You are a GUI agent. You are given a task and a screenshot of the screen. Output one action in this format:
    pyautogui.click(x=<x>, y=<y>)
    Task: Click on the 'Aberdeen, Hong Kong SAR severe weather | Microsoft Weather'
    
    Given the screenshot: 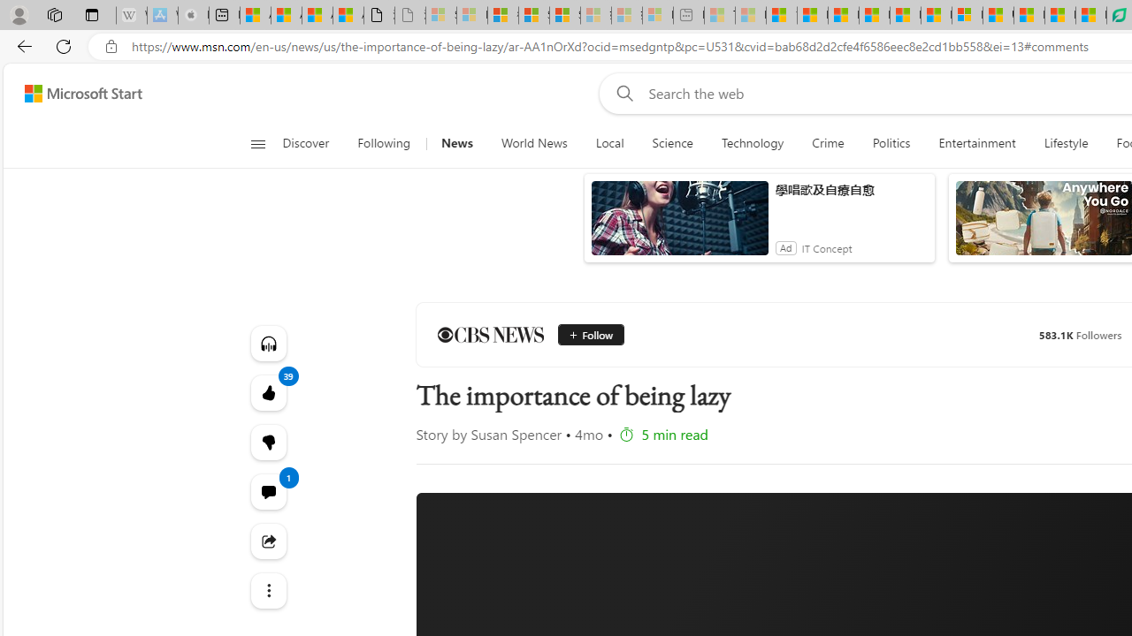 What is the action you would take?
    pyautogui.click(x=348, y=15)
    